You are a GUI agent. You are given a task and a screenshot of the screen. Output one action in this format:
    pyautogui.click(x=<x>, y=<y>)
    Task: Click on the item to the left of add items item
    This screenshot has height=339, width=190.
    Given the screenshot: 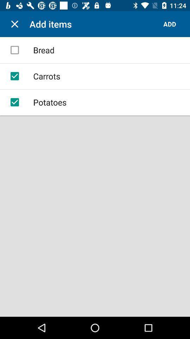 What is the action you would take?
    pyautogui.click(x=15, y=24)
    